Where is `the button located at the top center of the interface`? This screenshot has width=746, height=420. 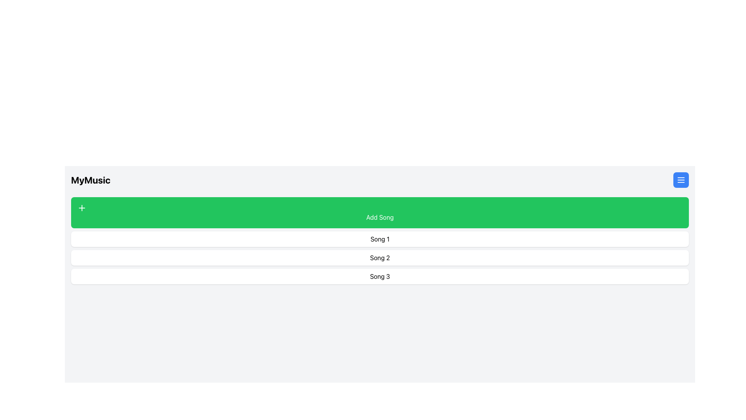 the button located at the top center of the interface is located at coordinates (380, 213).